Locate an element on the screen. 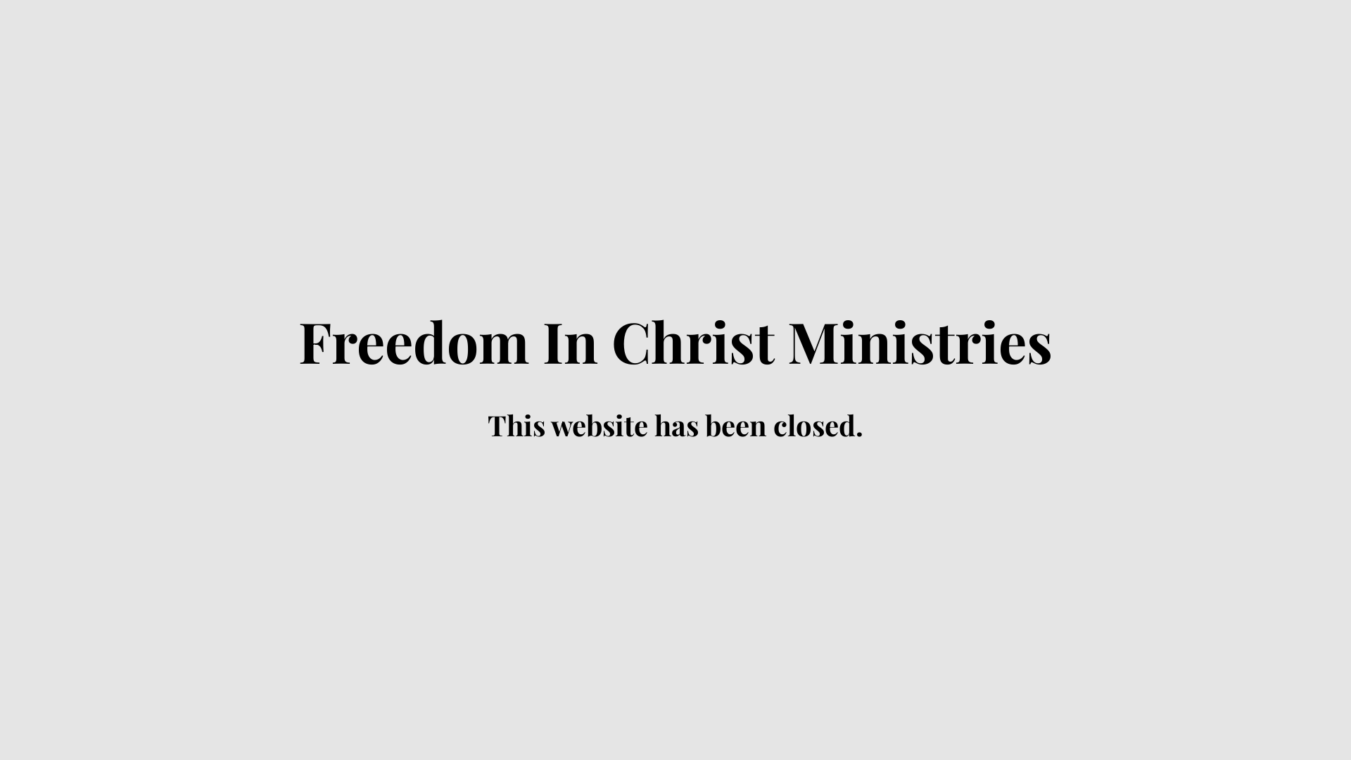 The image size is (1351, 760). 'Freedom In Christ Ministries' is located at coordinates (675, 353).